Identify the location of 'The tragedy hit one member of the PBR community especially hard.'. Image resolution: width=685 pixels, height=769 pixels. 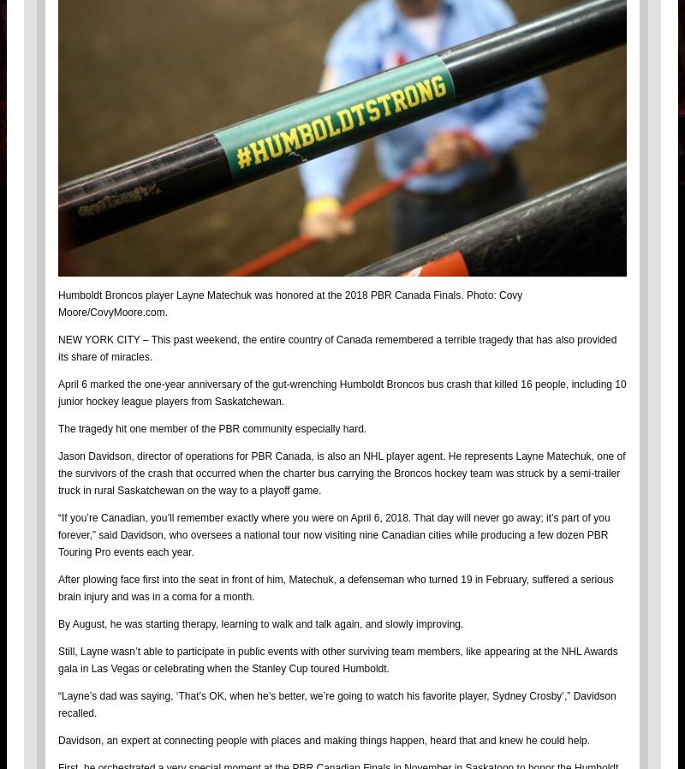
(211, 427).